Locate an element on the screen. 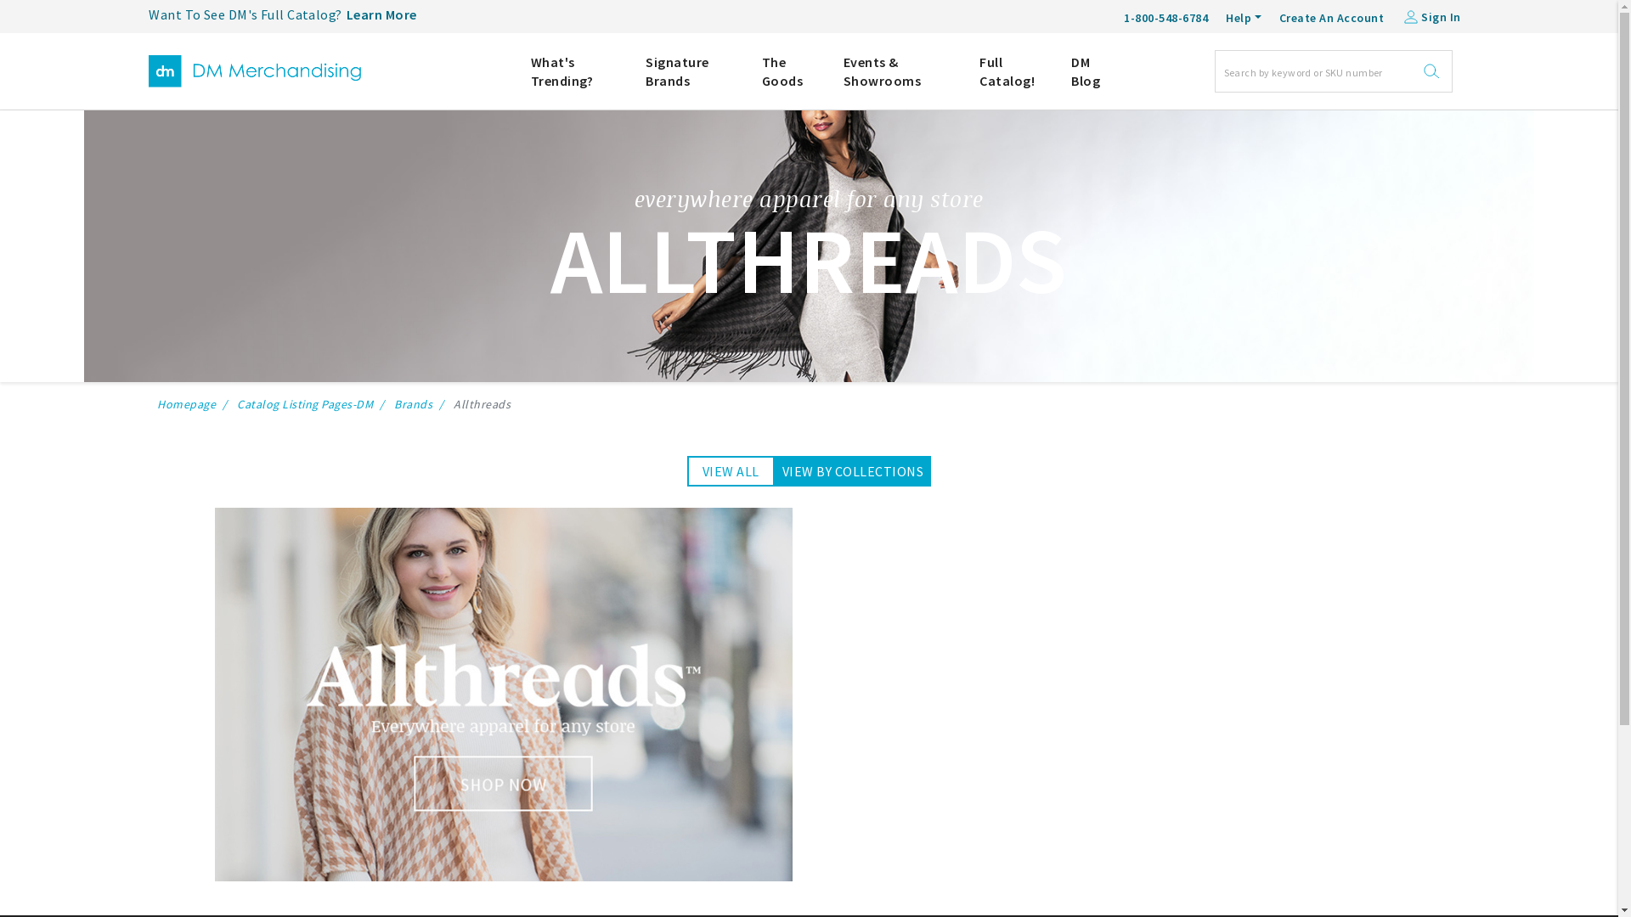 The image size is (1631, 917). 'Help' is located at coordinates (1244, 18).